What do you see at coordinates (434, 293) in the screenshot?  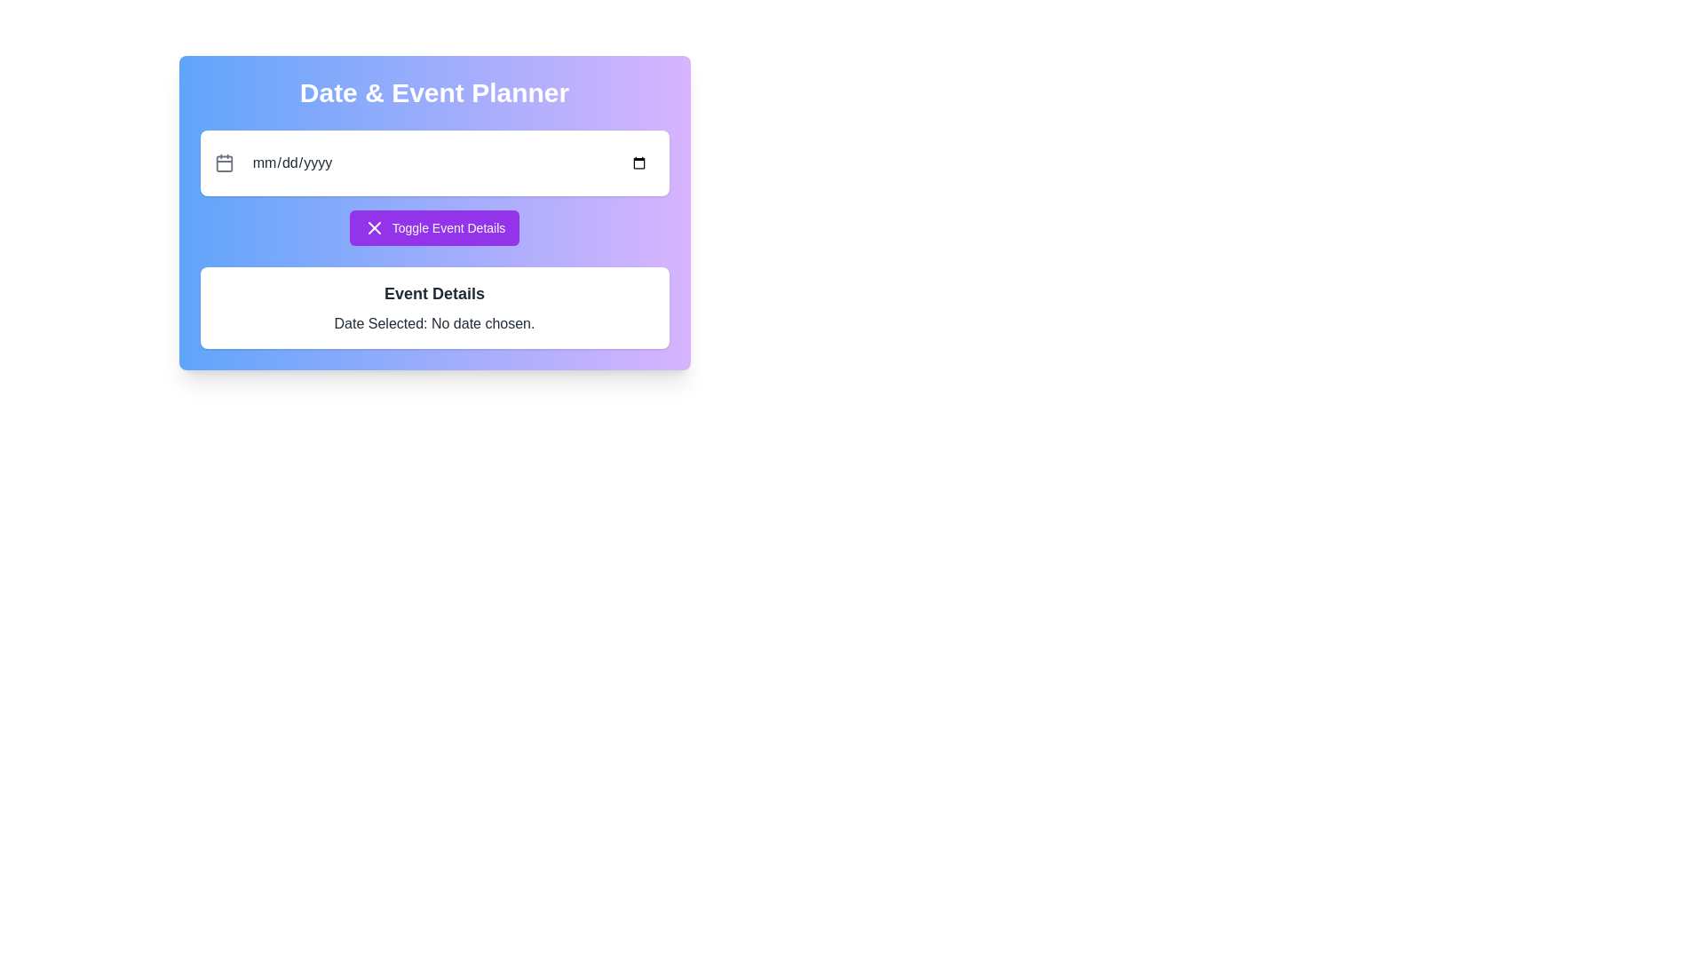 I see `text header displaying 'Event Details' which is prominently styled in bold, black font and located below the 'Toggle Event Details' button` at bounding box center [434, 293].